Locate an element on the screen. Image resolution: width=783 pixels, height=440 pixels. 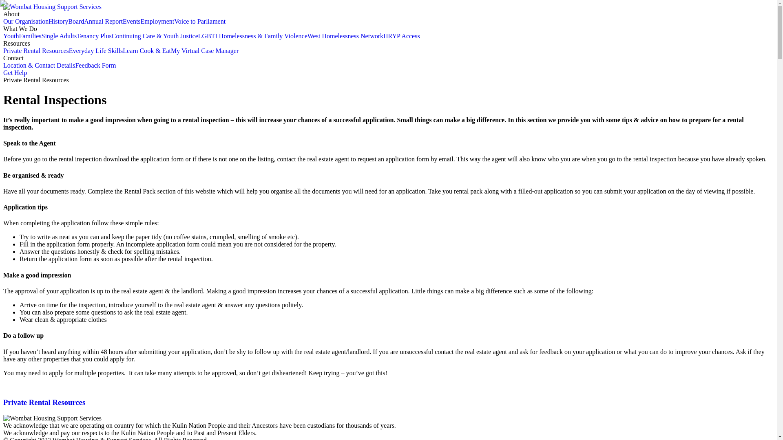
'Families' is located at coordinates (30, 35).